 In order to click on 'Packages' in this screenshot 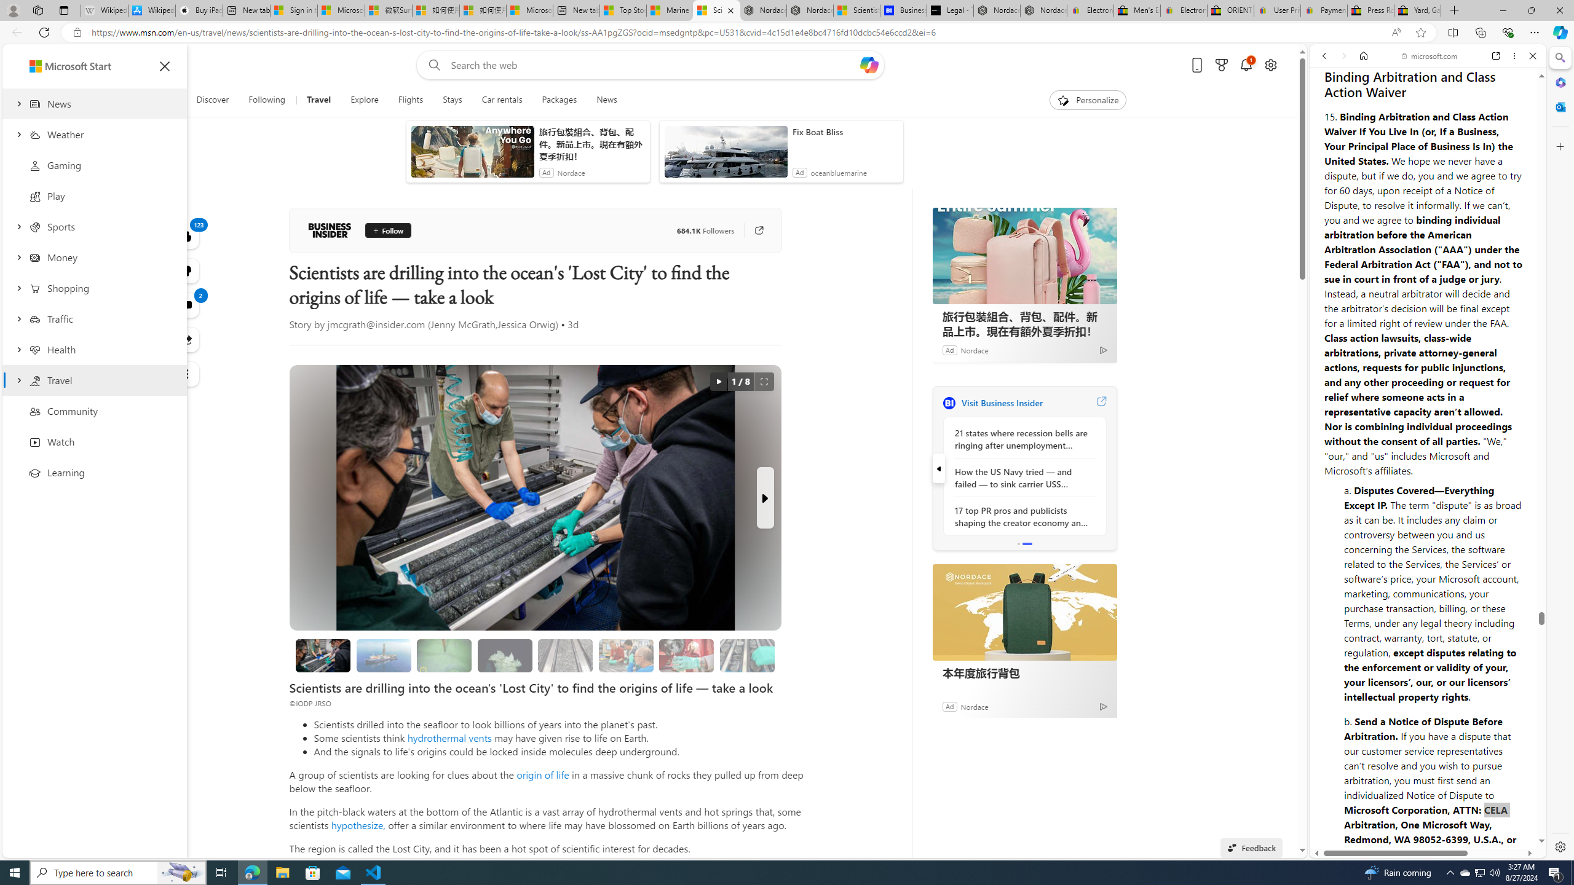, I will do `click(559, 100)`.